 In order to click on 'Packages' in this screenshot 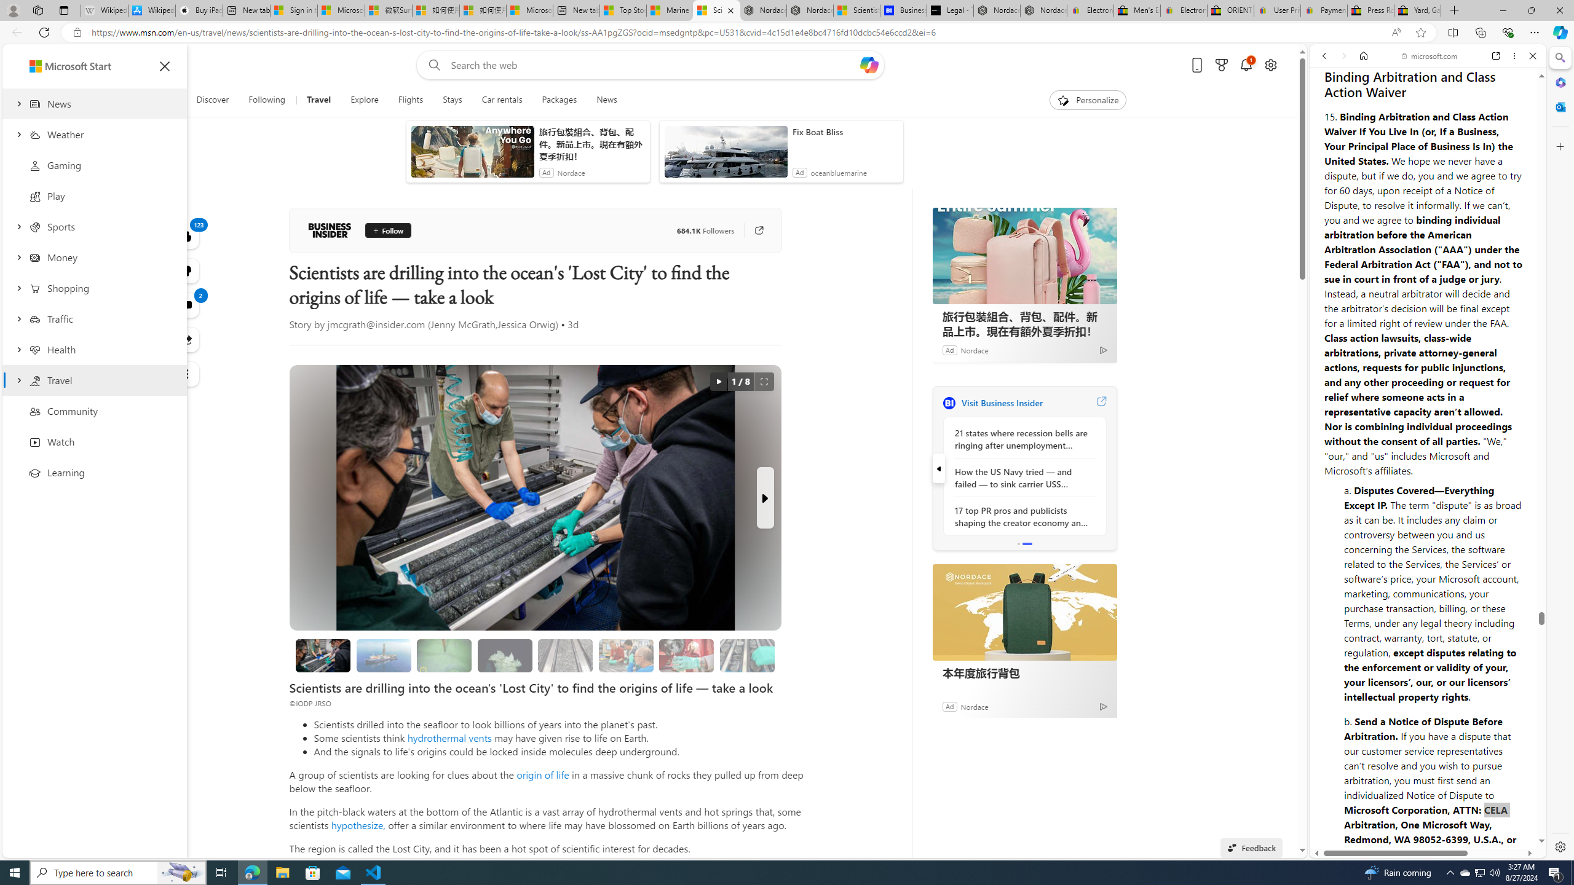, I will do `click(559, 100)`.